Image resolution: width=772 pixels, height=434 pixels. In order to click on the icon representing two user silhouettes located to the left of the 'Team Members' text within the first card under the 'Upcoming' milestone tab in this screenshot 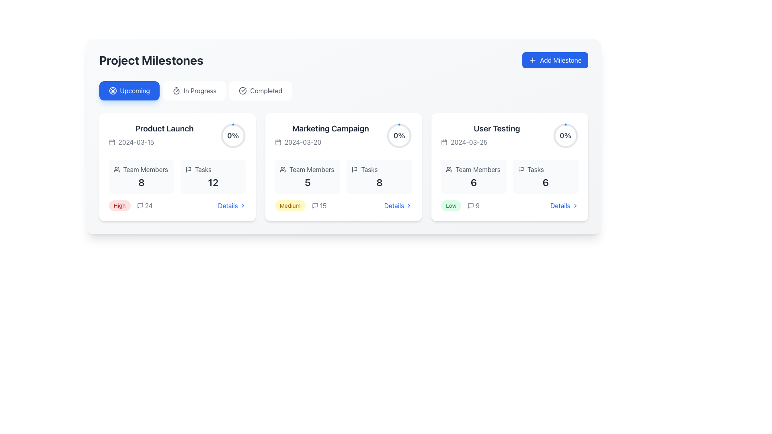, I will do `click(116, 169)`.